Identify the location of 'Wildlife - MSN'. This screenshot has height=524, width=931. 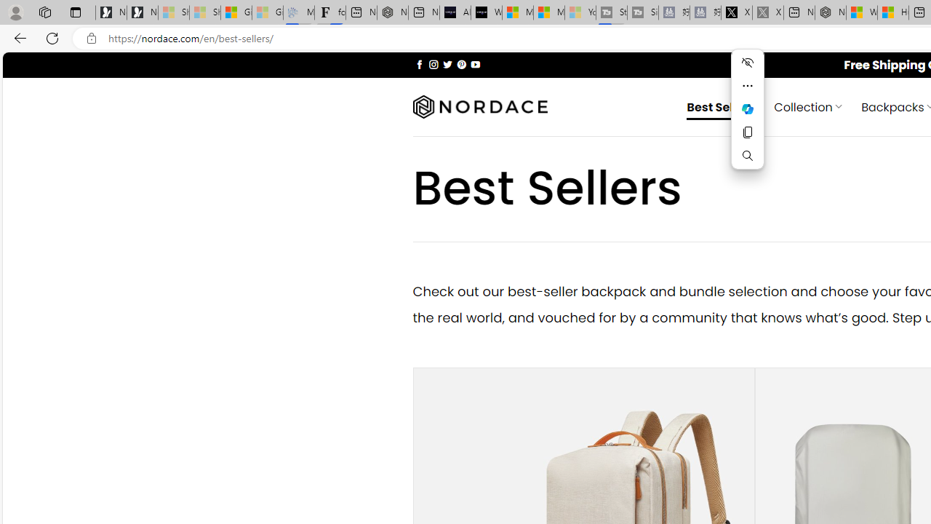
(861, 12).